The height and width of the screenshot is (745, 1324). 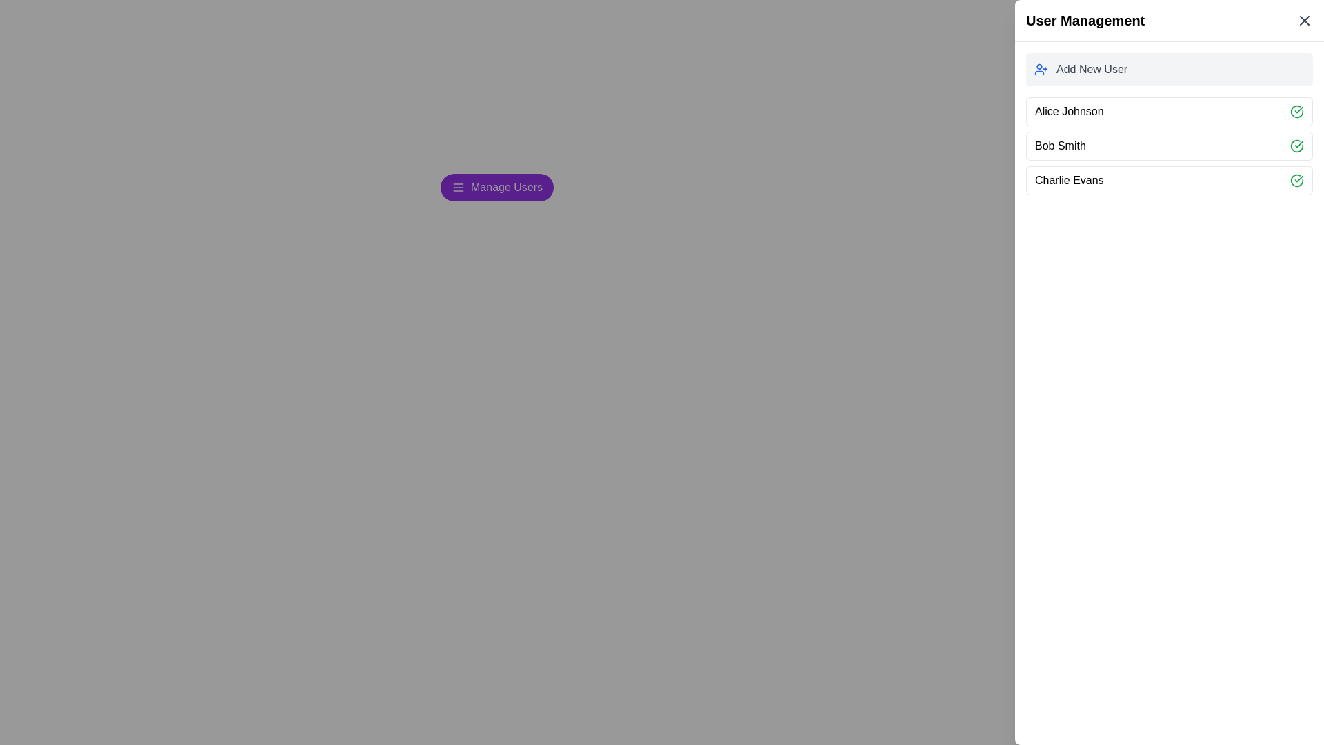 What do you see at coordinates (1059, 146) in the screenshot?
I see `the text display element representing the user named 'Bob Smith', which is located in the 'User Management' panel, directly under 'Alice Johnson' and above 'Charlie Evans'` at bounding box center [1059, 146].